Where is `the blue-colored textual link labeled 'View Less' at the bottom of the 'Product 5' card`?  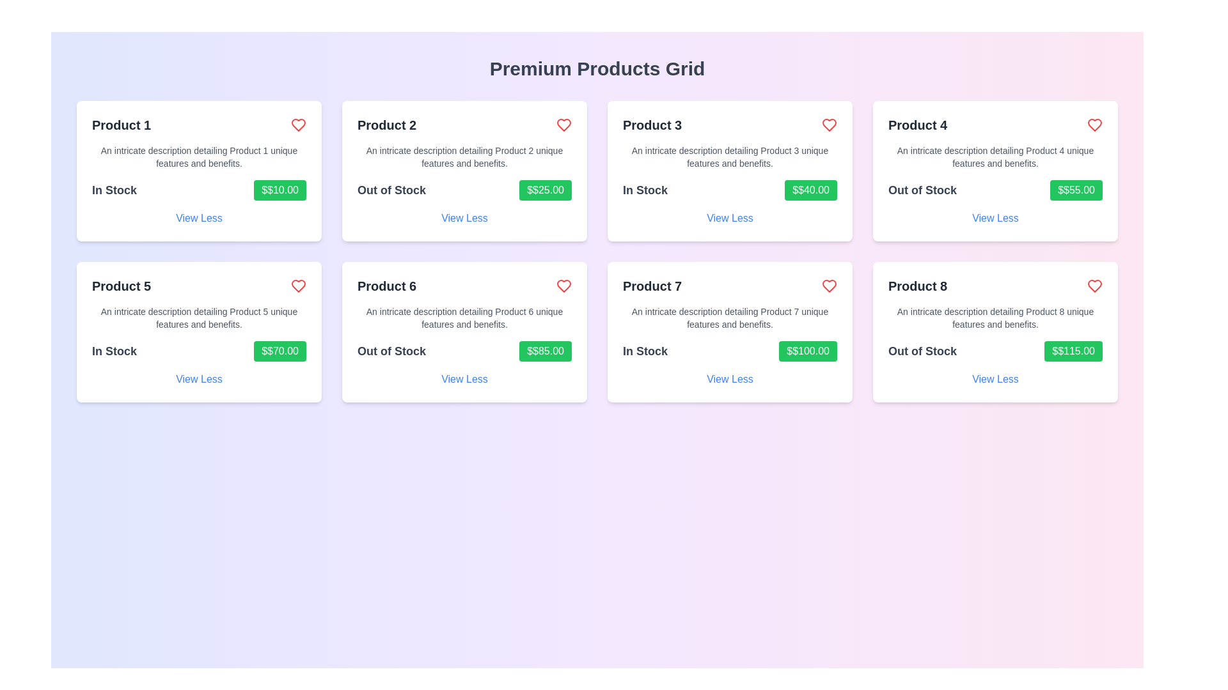
the blue-colored textual link labeled 'View Less' at the bottom of the 'Product 5' card is located at coordinates (198, 379).